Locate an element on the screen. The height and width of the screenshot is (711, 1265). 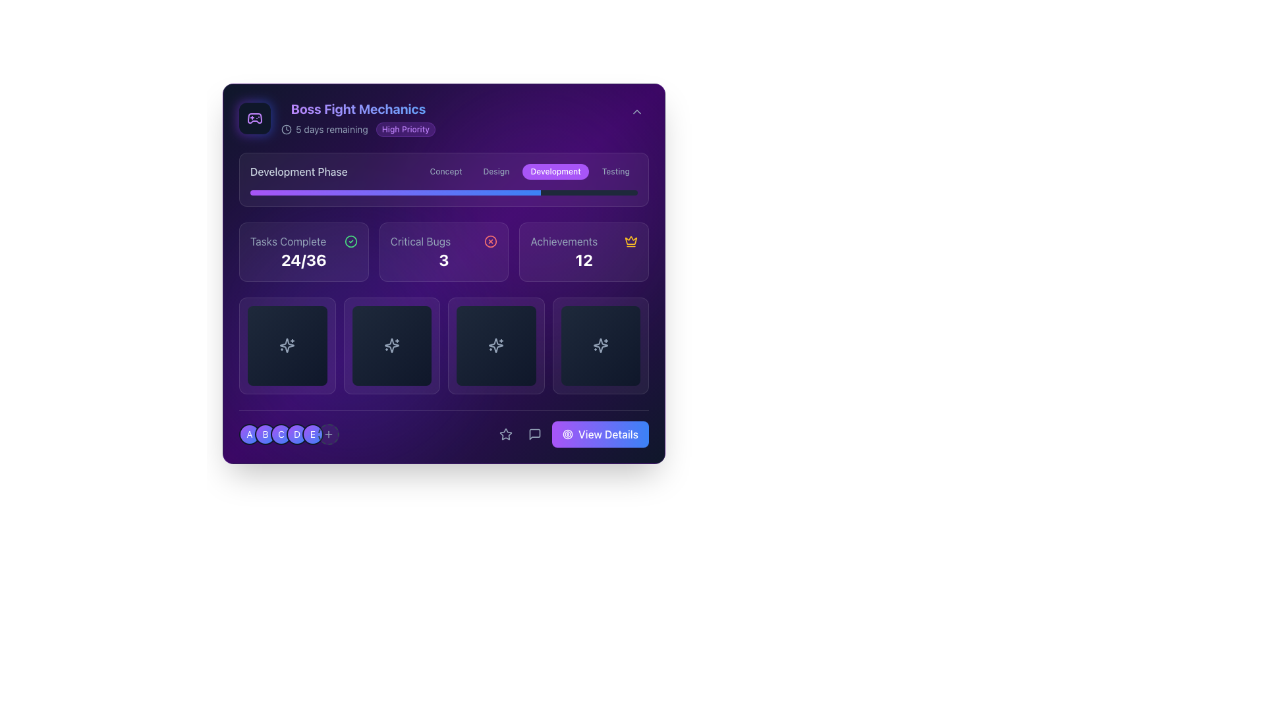
text of the 'High Priority' badge located between '5 days remaining' and 'Boss Fight Mechanics' in the top section of the interface is located at coordinates (405, 129).